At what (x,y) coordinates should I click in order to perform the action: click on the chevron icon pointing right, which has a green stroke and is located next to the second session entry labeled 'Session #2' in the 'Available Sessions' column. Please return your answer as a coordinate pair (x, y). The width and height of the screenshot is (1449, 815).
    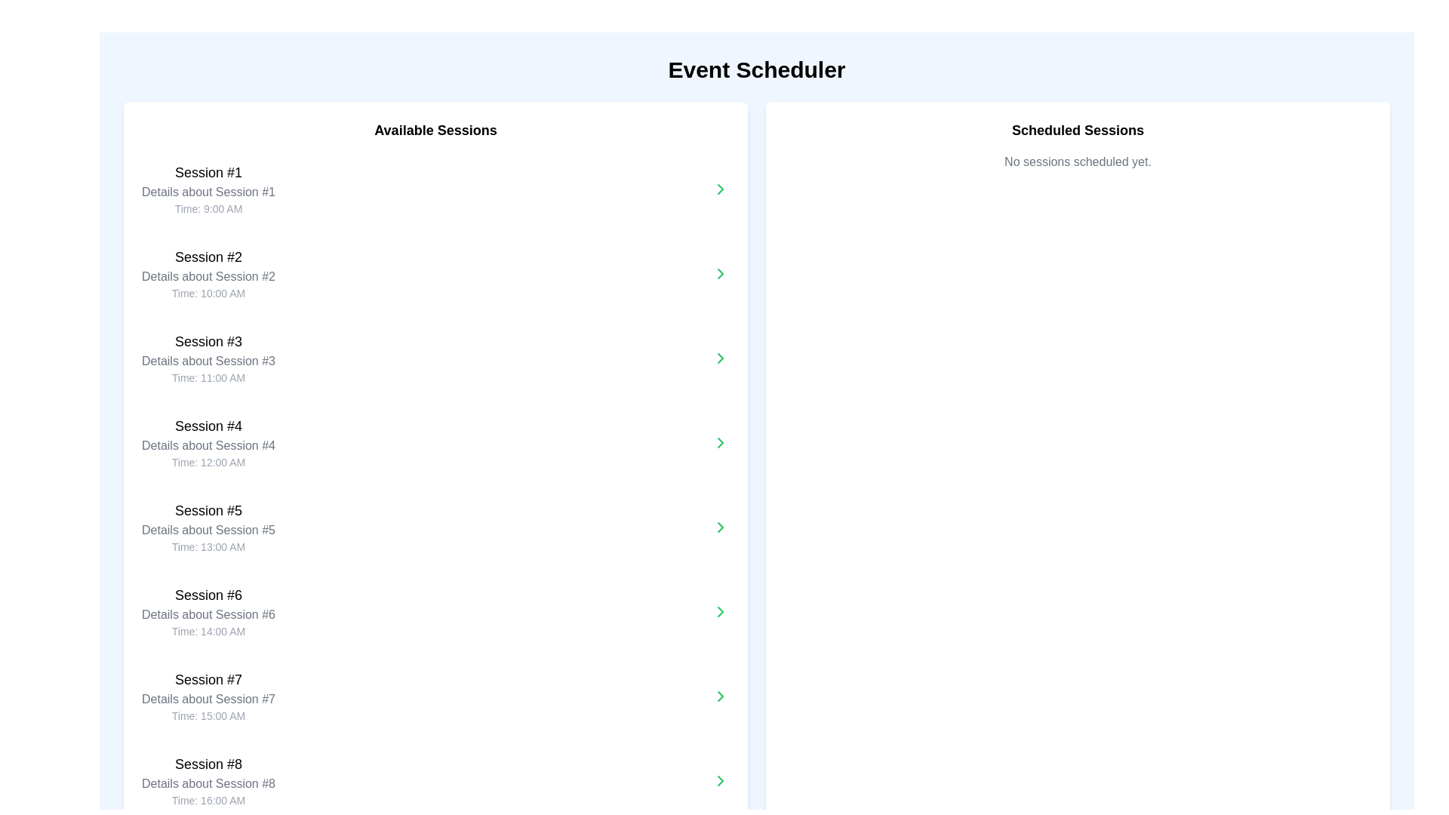
    Looking at the image, I should click on (720, 273).